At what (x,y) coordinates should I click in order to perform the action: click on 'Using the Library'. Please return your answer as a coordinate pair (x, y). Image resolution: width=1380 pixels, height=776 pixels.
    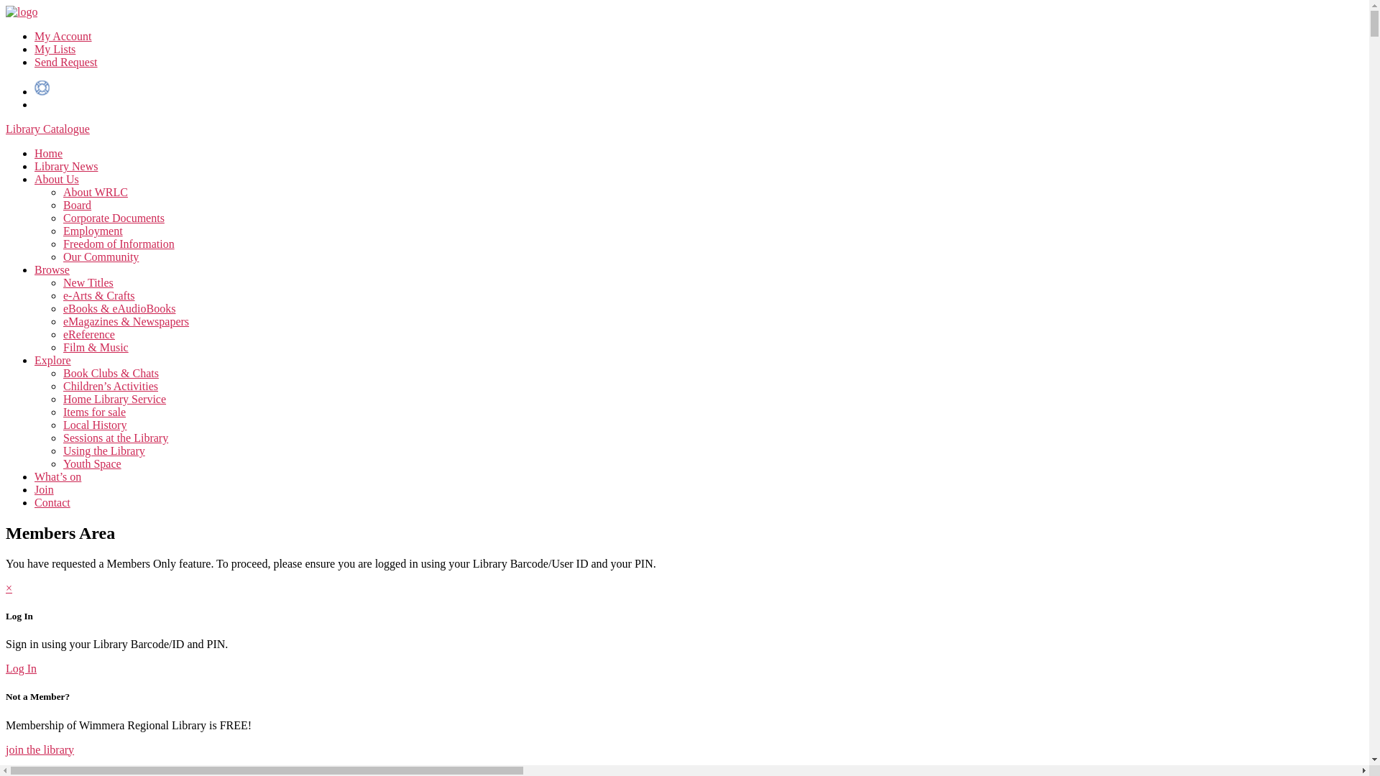
    Looking at the image, I should click on (103, 450).